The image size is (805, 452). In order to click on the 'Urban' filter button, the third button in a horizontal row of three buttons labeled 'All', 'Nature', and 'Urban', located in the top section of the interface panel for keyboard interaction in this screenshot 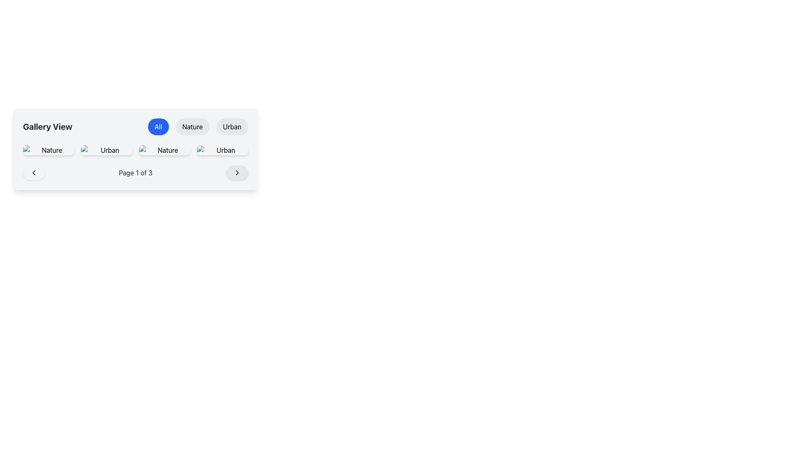, I will do `click(232, 127)`.